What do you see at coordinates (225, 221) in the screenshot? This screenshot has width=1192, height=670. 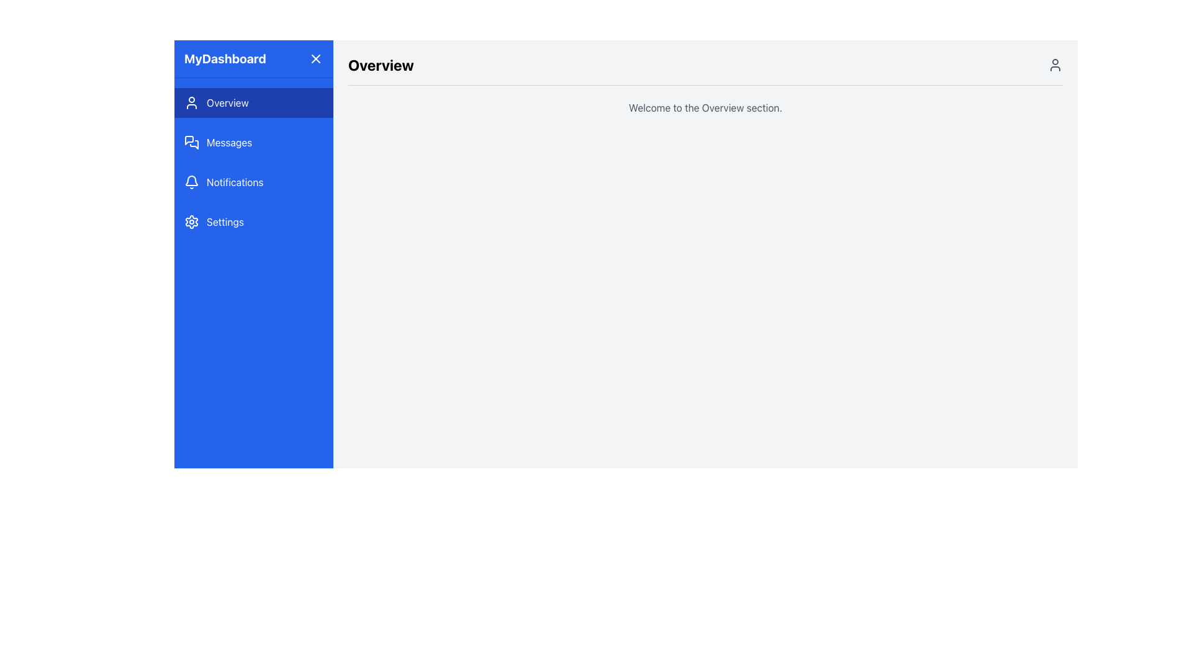 I see `the 'Settings' text label located under the 'Notifications' option in the vertical navigation menu` at bounding box center [225, 221].